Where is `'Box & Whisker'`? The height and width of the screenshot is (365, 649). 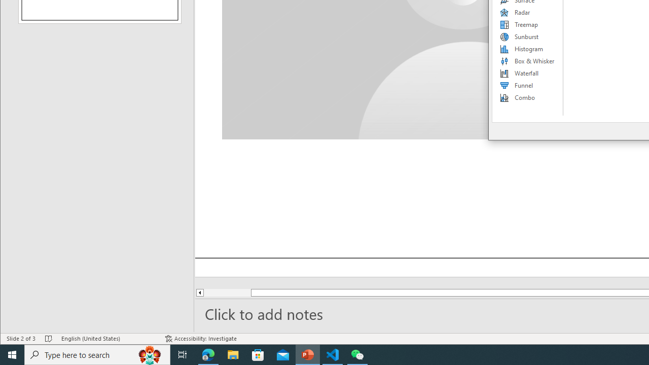
'Box & Whisker' is located at coordinates (527, 61).